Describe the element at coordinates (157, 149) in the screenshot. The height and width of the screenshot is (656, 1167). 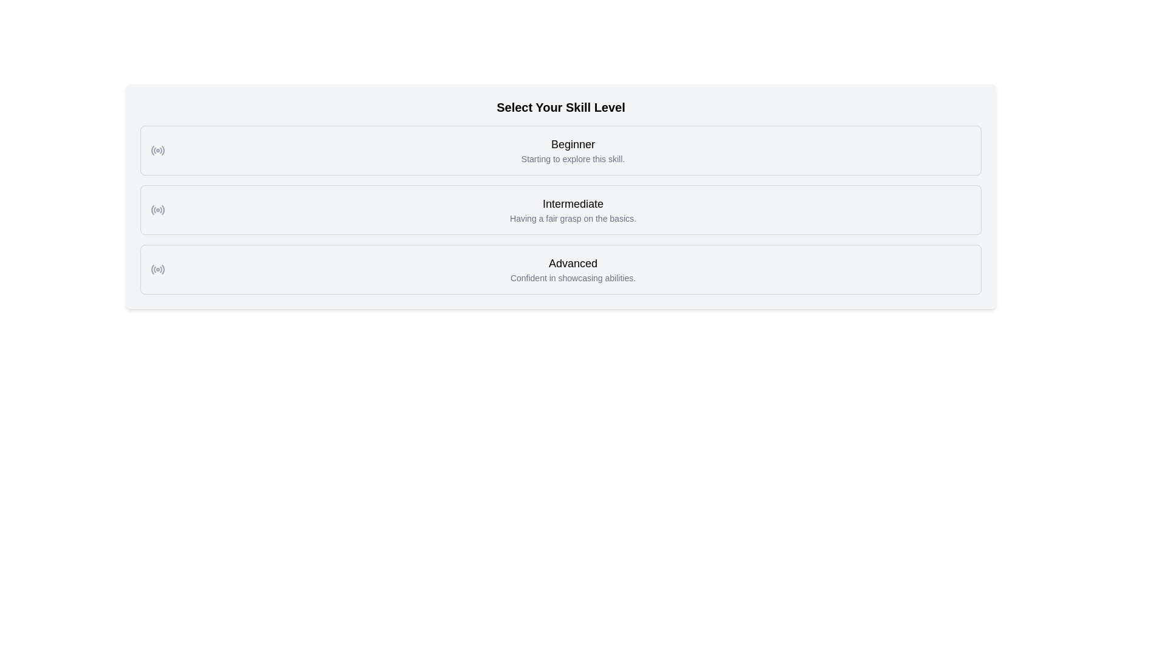
I see `the 'Beginner' radio button` at that location.